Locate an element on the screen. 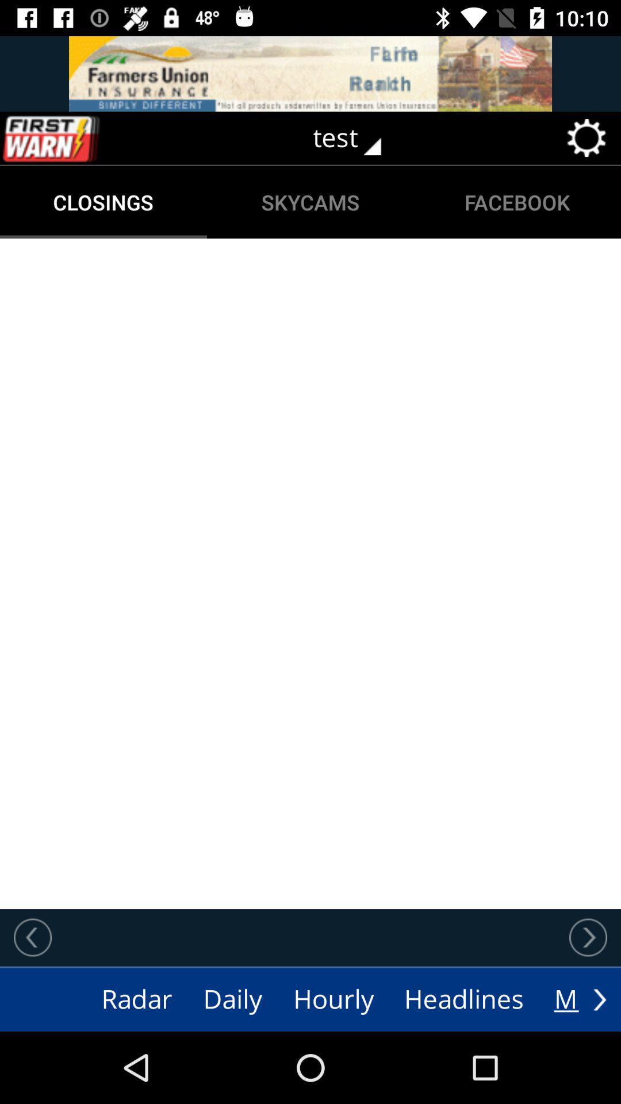 The width and height of the screenshot is (621, 1104). the icon to the left of test is located at coordinates (75, 138).